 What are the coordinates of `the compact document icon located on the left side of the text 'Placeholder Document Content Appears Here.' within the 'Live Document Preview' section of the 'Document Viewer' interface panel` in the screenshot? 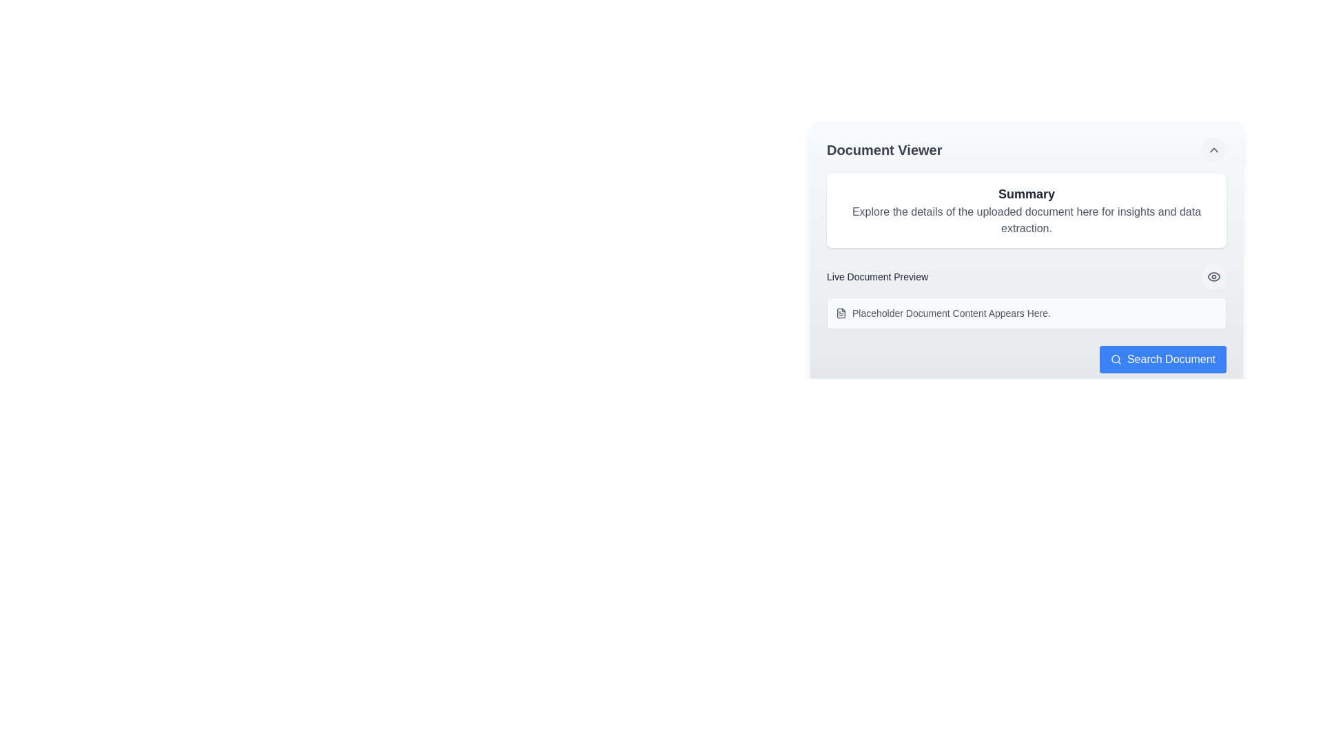 It's located at (840, 313).